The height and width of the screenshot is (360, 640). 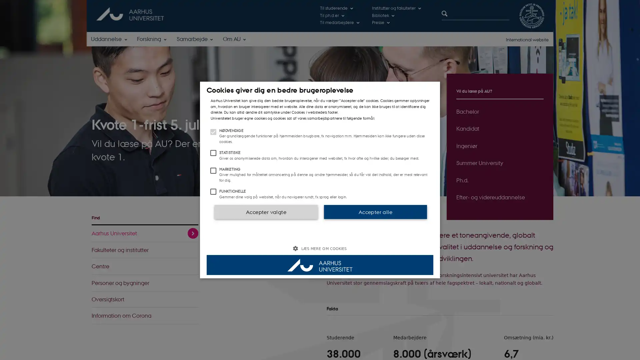 I want to click on Aarhus Universitet, so click(x=145, y=233).